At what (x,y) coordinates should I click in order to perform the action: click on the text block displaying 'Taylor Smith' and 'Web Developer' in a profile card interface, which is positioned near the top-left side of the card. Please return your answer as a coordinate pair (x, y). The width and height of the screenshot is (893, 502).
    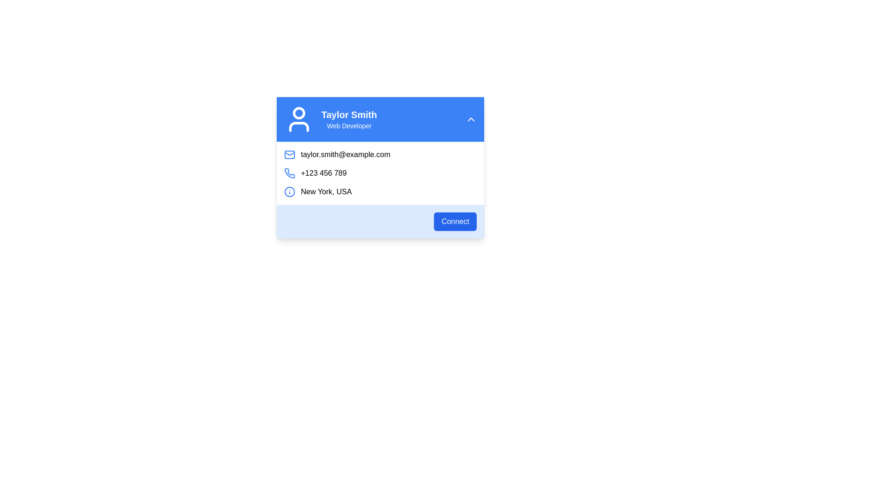
    Looking at the image, I should click on (348, 119).